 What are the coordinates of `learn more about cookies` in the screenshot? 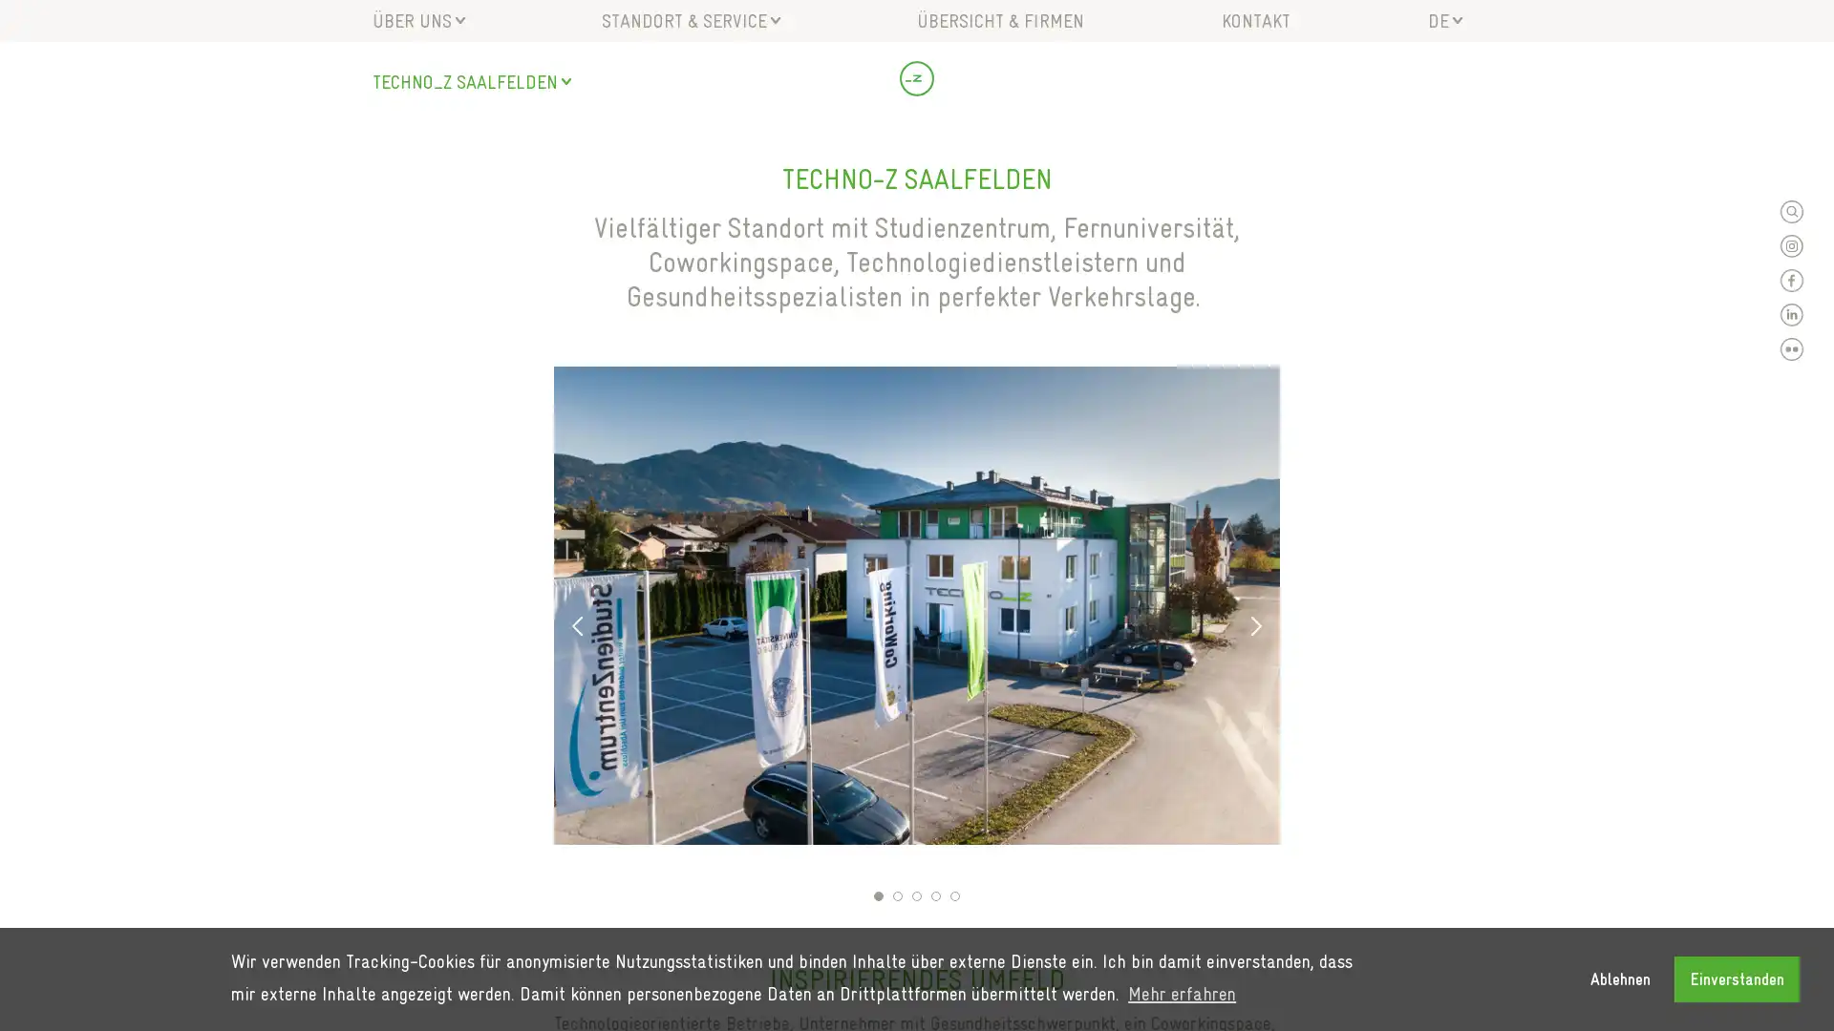 It's located at (1181, 993).